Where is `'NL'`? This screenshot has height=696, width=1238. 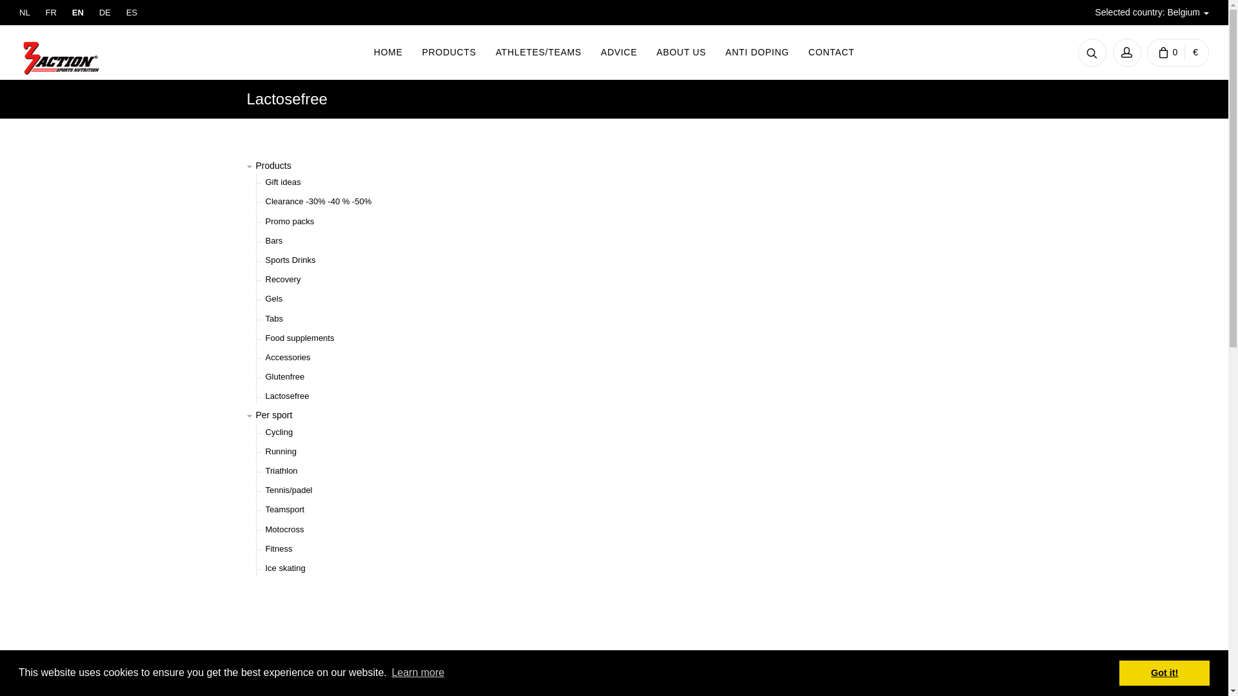 'NL' is located at coordinates (25, 12).